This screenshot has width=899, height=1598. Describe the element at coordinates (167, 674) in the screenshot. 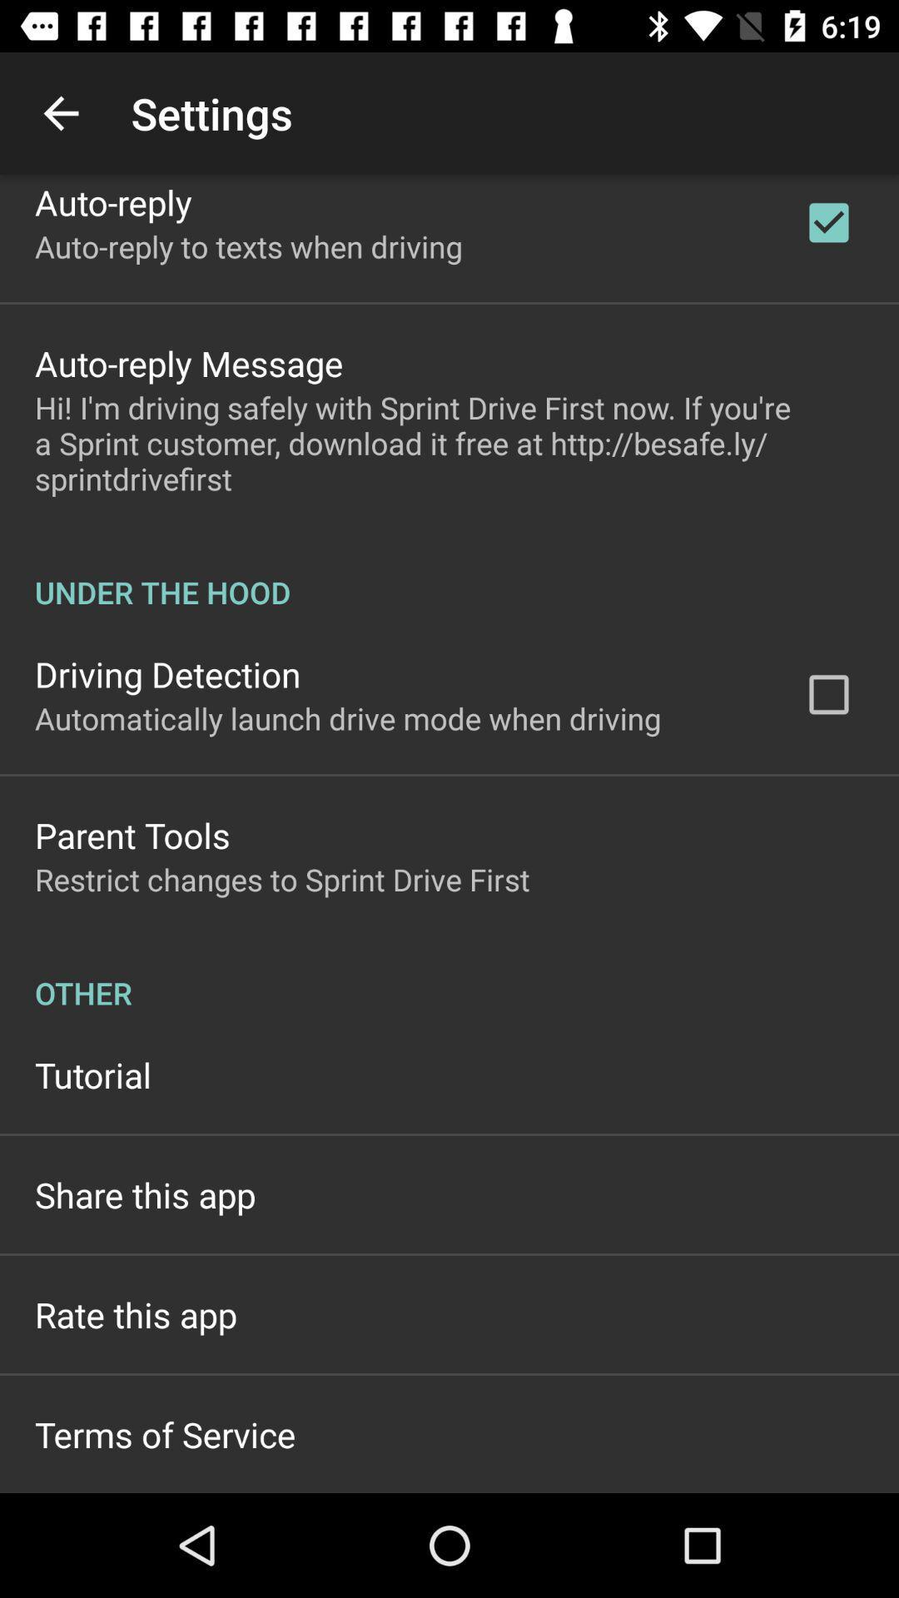

I see `driving detection` at that location.